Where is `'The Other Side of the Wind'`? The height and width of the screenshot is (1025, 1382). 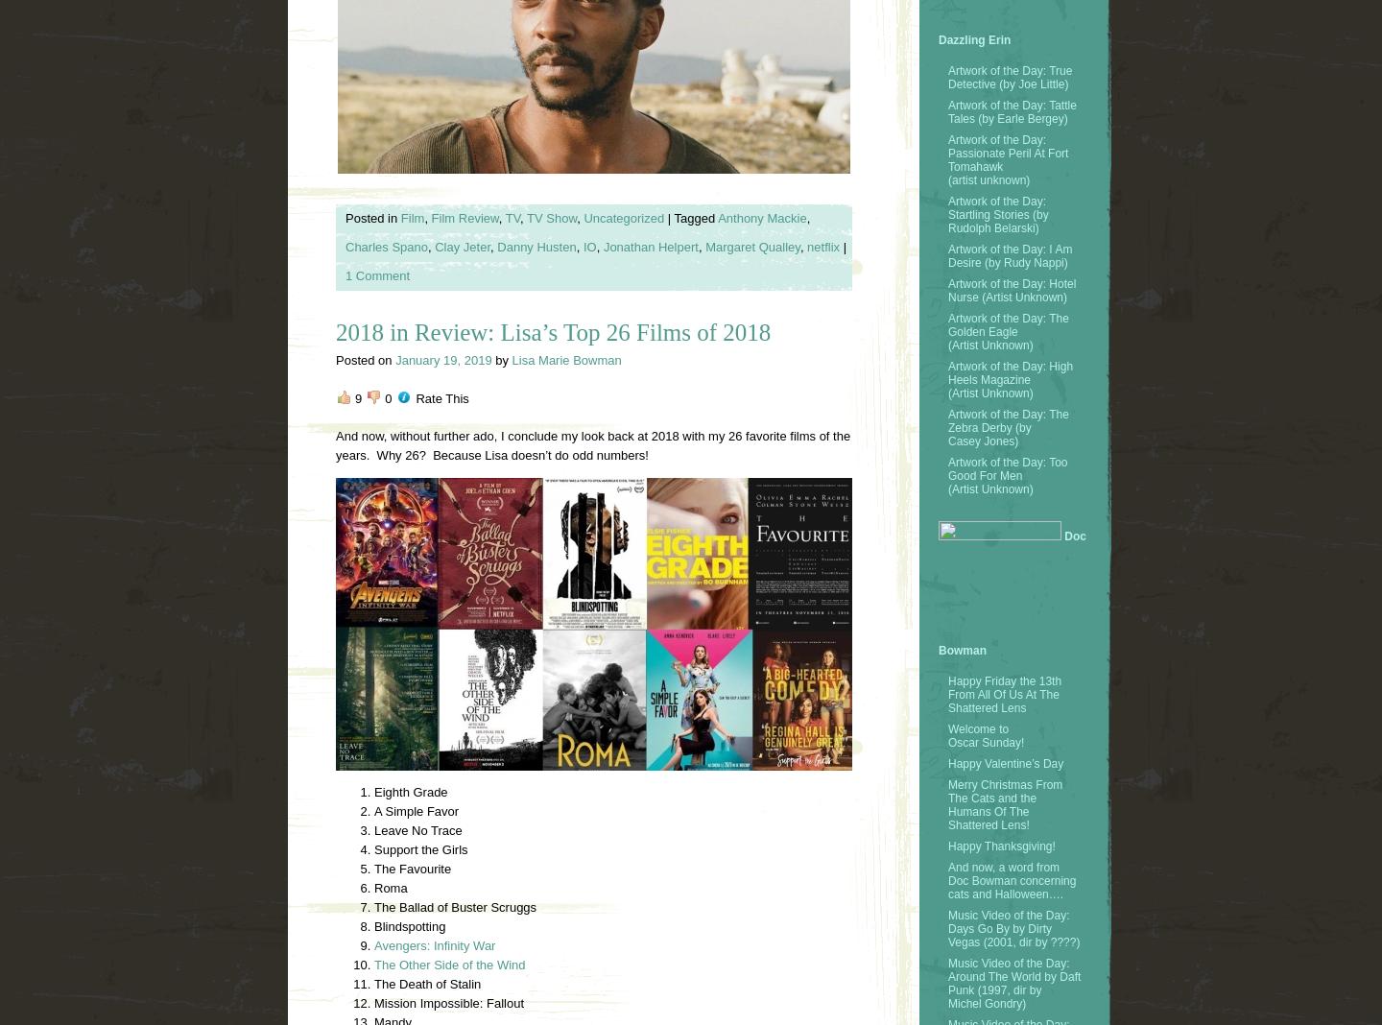
'The Other Side of the Wind' is located at coordinates (449, 965).